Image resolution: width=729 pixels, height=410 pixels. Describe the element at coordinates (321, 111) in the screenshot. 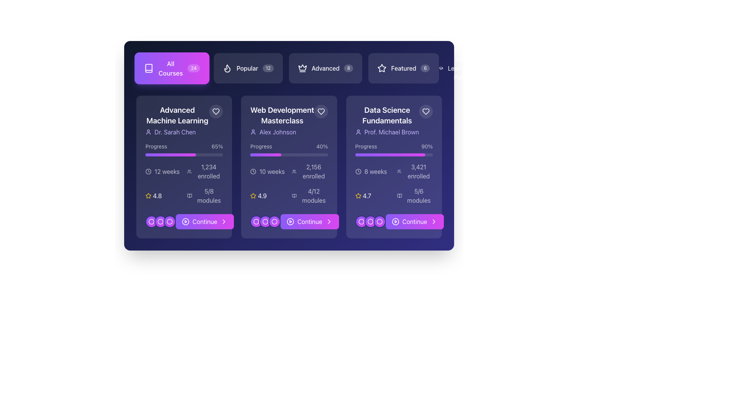

I see `the favorite button icon located in the top-right corner of the 'Web Development Masterclass' card` at that location.